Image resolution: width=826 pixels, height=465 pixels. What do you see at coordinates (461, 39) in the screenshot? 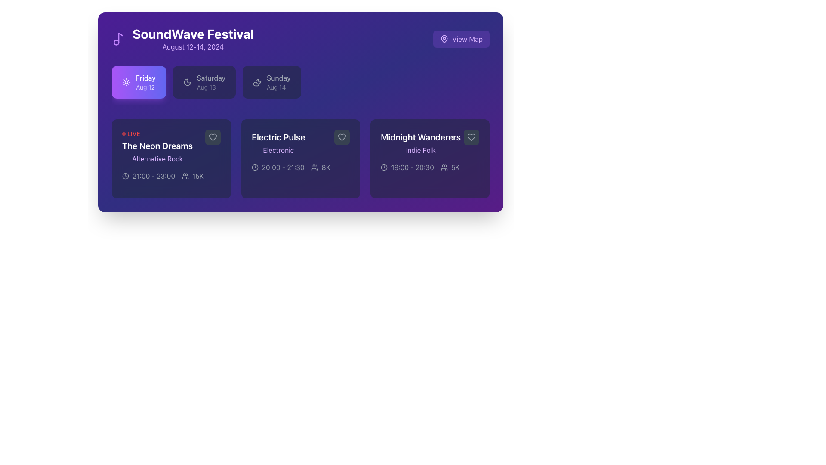
I see `the button located at the top-right corner of the interface, aligned with the title header 'SoundWave Festival'` at bounding box center [461, 39].